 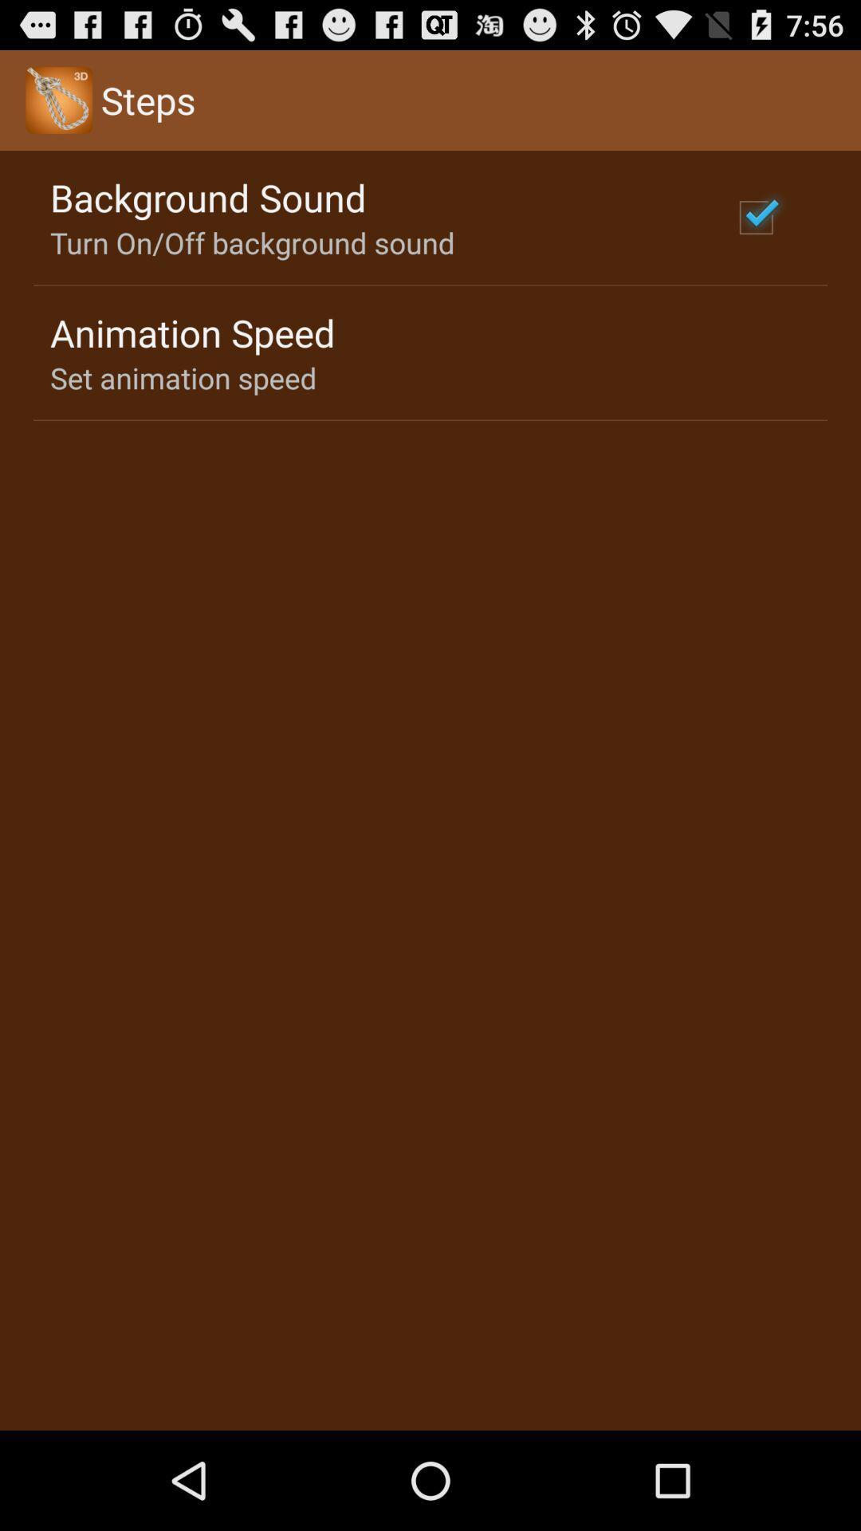 What do you see at coordinates (251, 242) in the screenshot?
I see `turn on off item` at bounding box center [251, 242].